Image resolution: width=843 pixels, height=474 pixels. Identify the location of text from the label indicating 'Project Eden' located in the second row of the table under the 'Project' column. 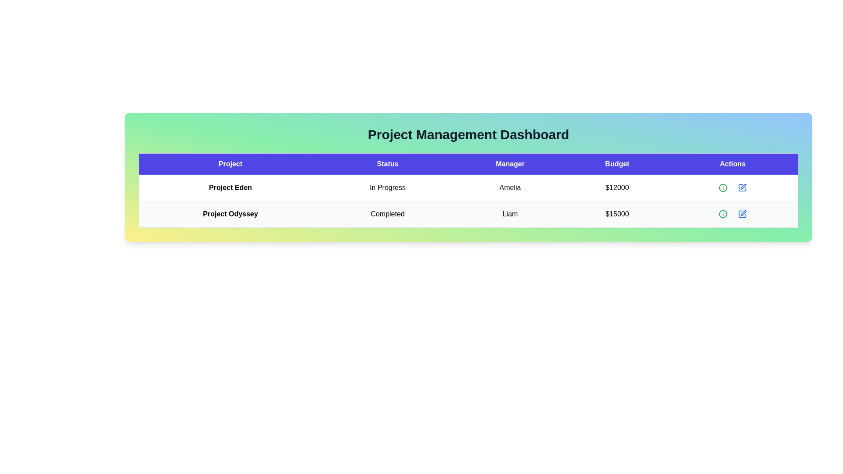
(230, 187).